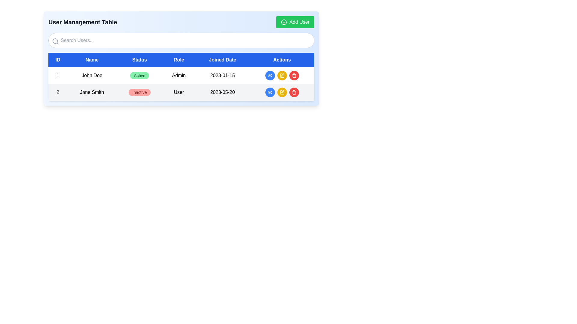  What do you see at coordinates (222, 60) in the screenshot?
I see `the 'Joined Date' table header cell to interact with table features` at bounding box center [222, 60].